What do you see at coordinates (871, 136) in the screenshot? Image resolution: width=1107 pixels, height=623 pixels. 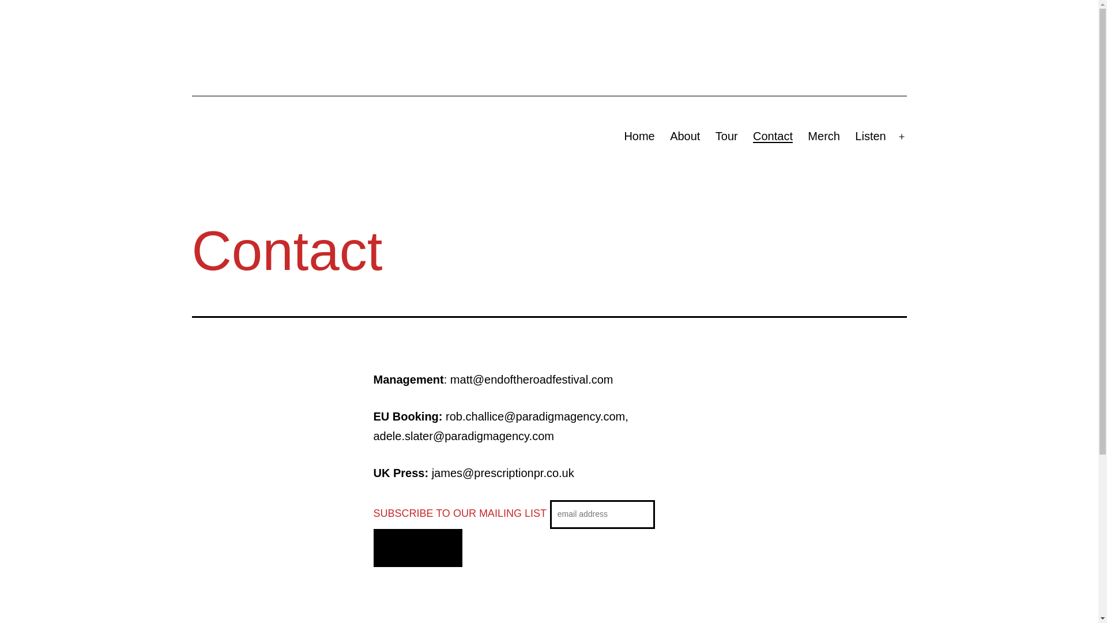 I see `'Listen'` at bounding box center [871, 136].